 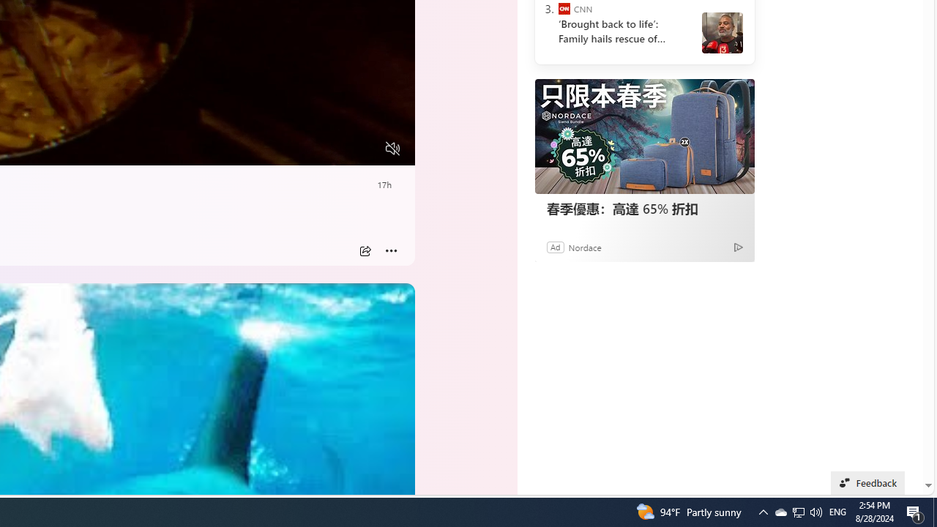 I want to click on 'Share', so click(x=365, y=250).